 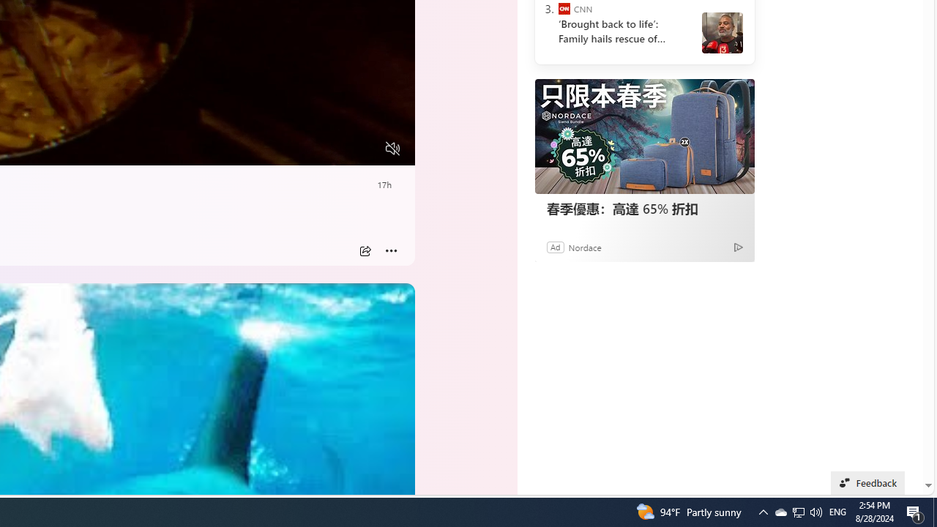 I want to click on 'Share', so click(x=365, y=250).